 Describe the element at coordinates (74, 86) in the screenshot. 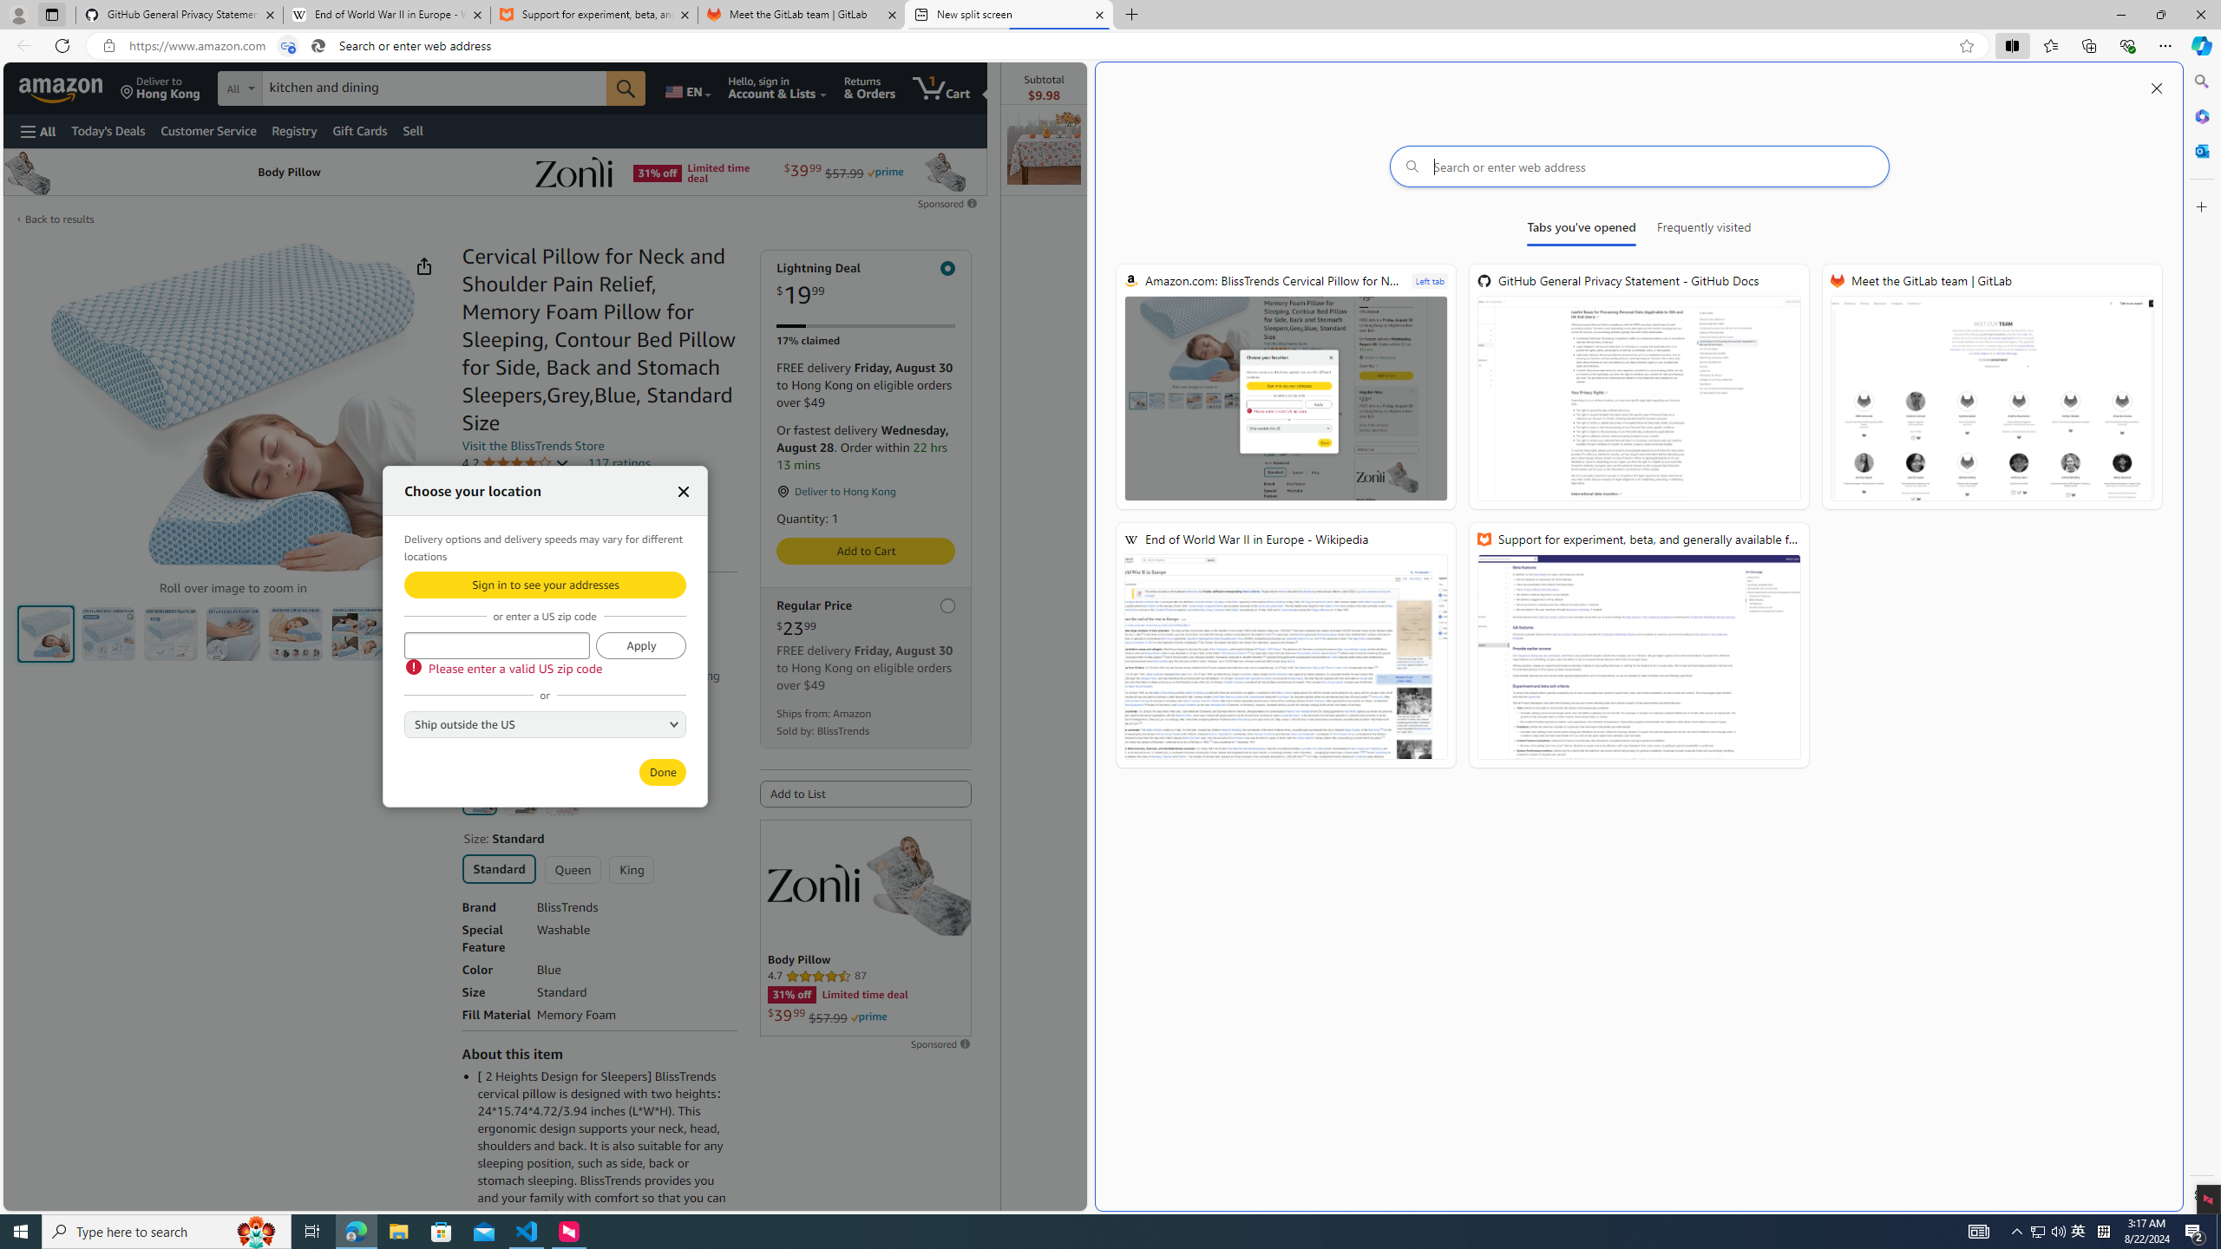

I see `'Skip to main content'` at that location.